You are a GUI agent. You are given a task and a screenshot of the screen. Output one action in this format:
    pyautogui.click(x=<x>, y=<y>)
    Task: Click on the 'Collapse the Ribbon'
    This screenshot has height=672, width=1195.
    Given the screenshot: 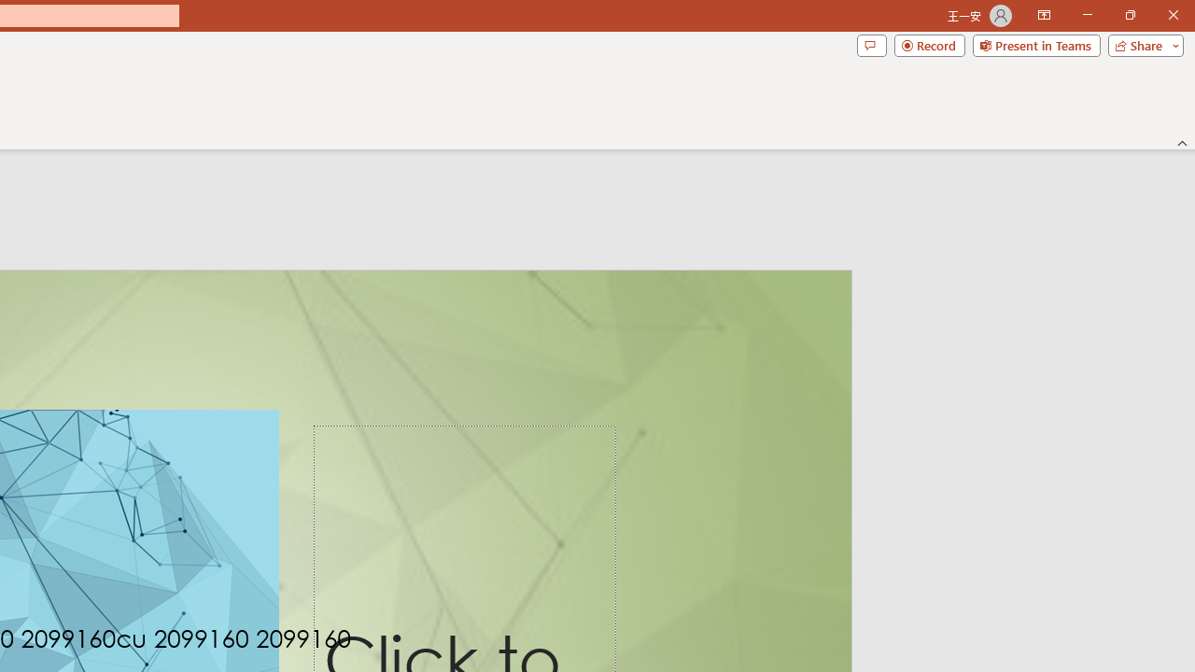 What is the action you would take?
    pyautogui.click(x=1182, y=142)
    